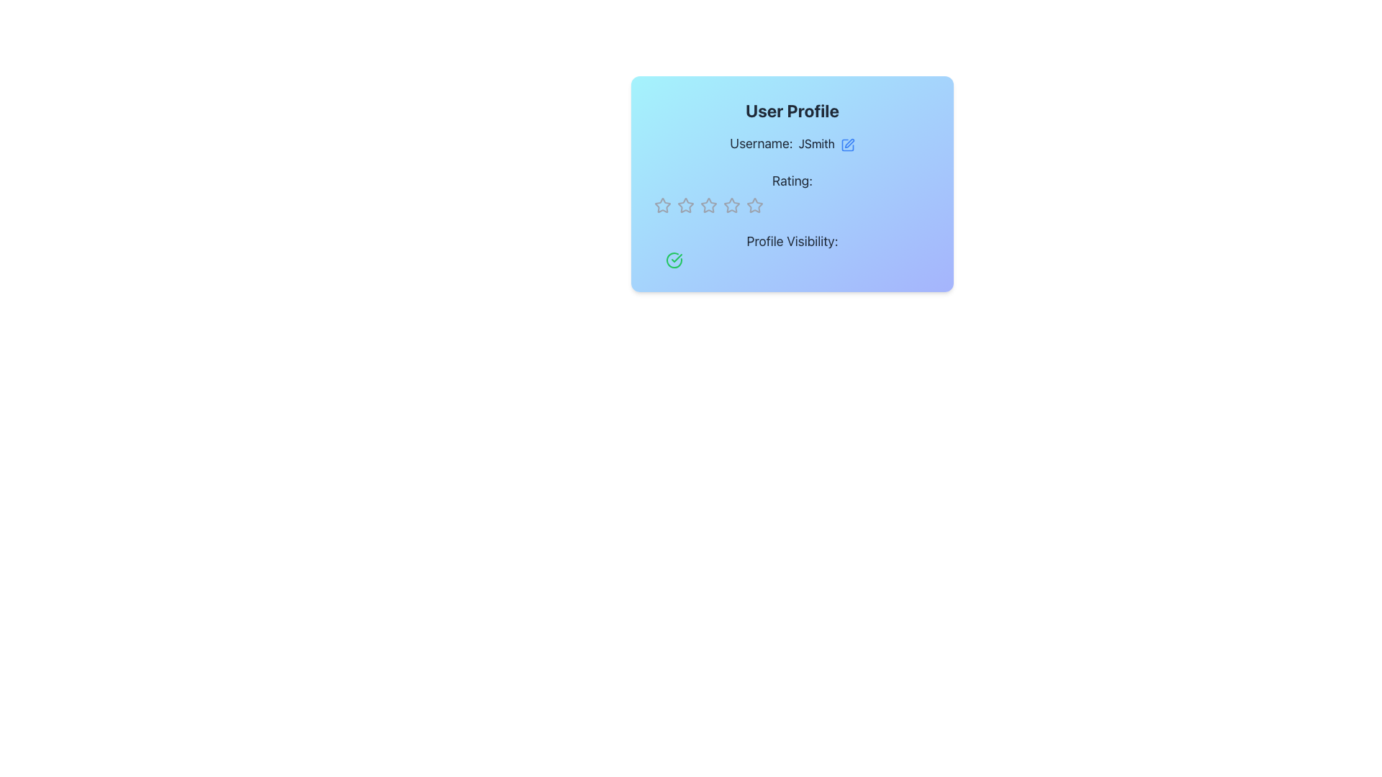  What do you see at coordinates (662, 205) in the screenshot?
I see `the first clickable star icon for rating located under the 'Rating' label in the card layout` at bounding box center [662, 205].